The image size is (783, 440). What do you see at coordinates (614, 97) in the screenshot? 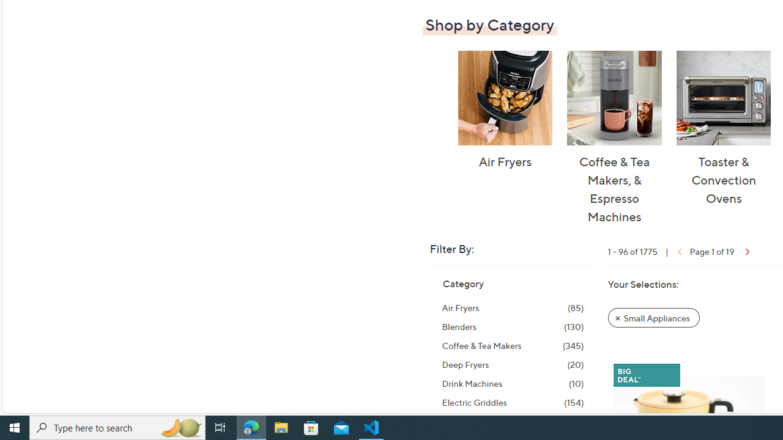
I see `'Coffee & Tea Makers, & Espresso Machines'` at bounding box center [614, 97].